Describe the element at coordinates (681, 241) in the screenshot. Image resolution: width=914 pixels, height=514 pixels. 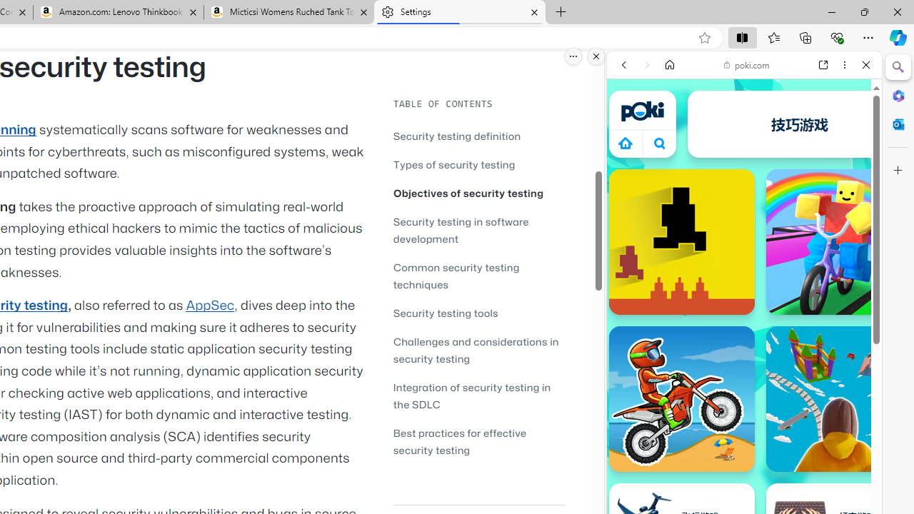
I see `'Level Devil Level Devil'` at that location.